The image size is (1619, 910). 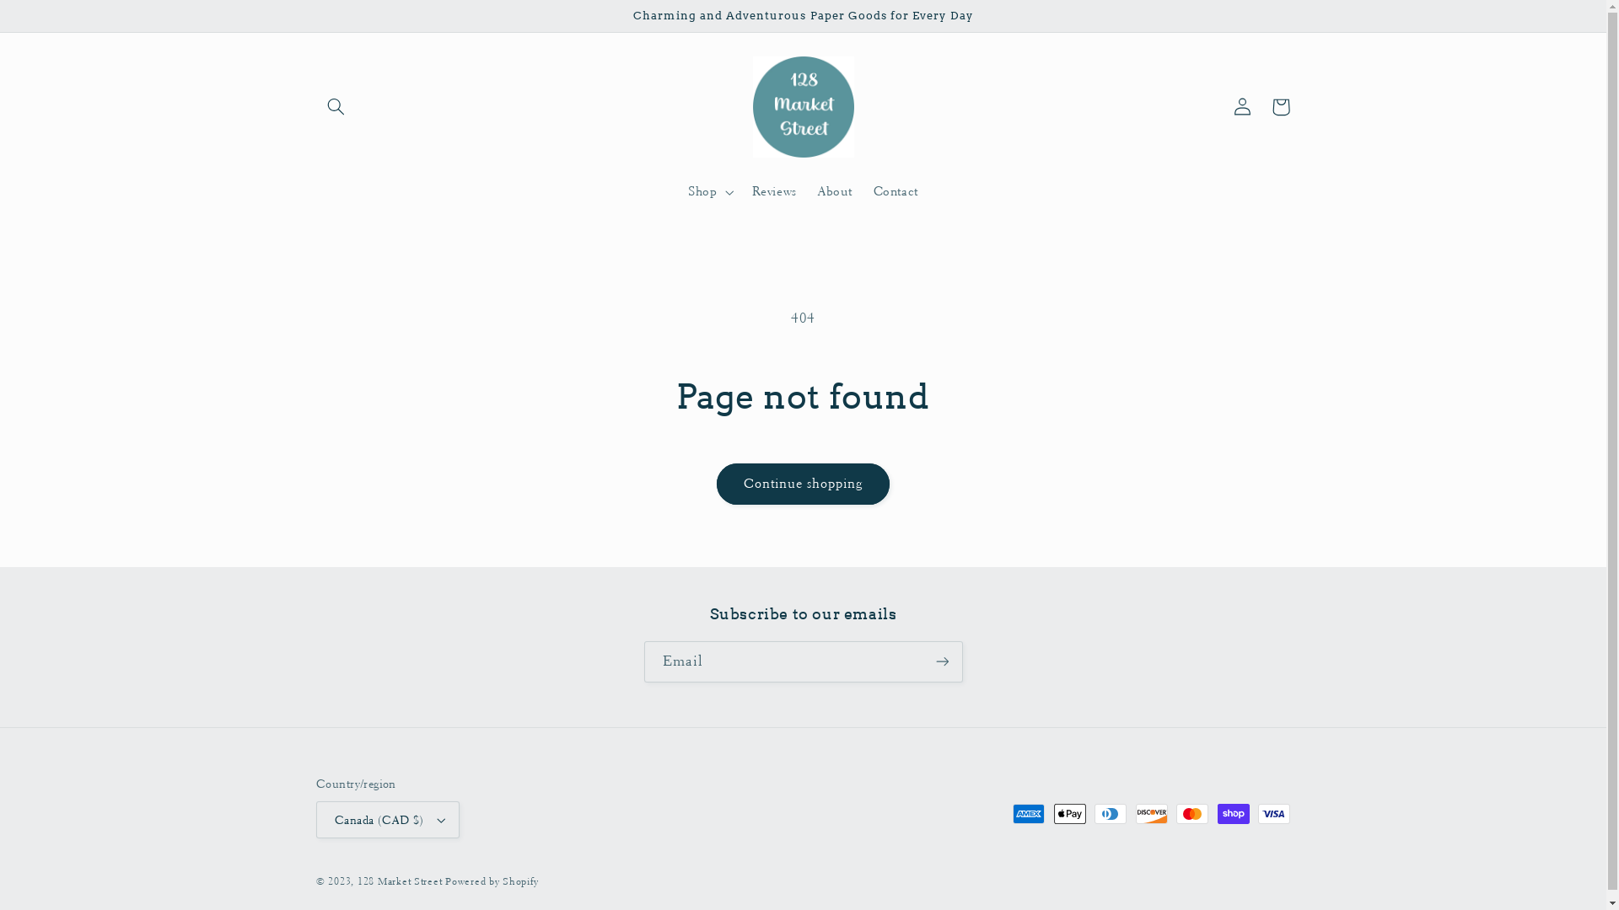 I want to click on 'Canada (CAD $)', so click(x=387, y=818).